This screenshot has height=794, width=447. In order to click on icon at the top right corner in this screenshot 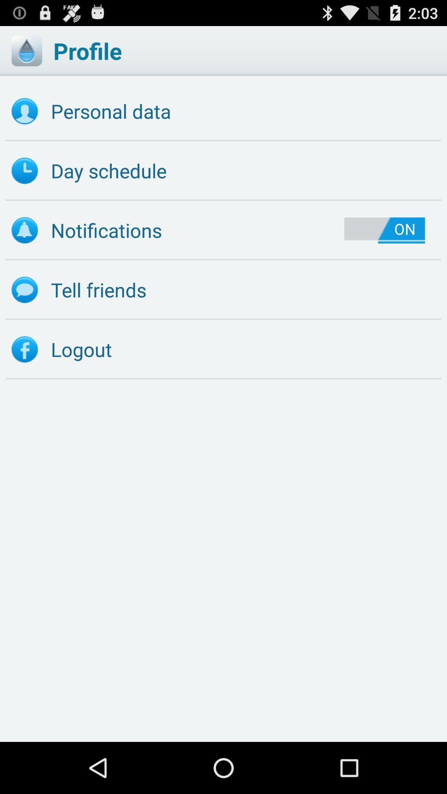, I will do `click(385, 230)`.